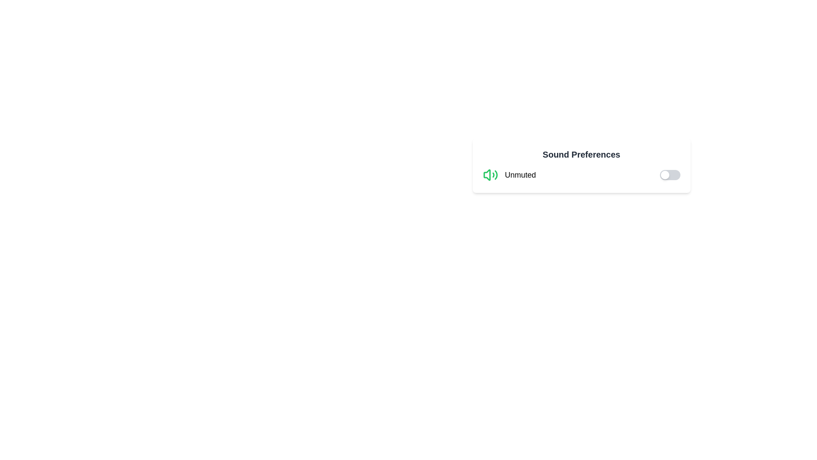  Describe the element at coordinates (581, 175) in the screenshot. I see `the toggle switch on the sound preferences element labeled 'Unmuted' to change the sound state` at that location.